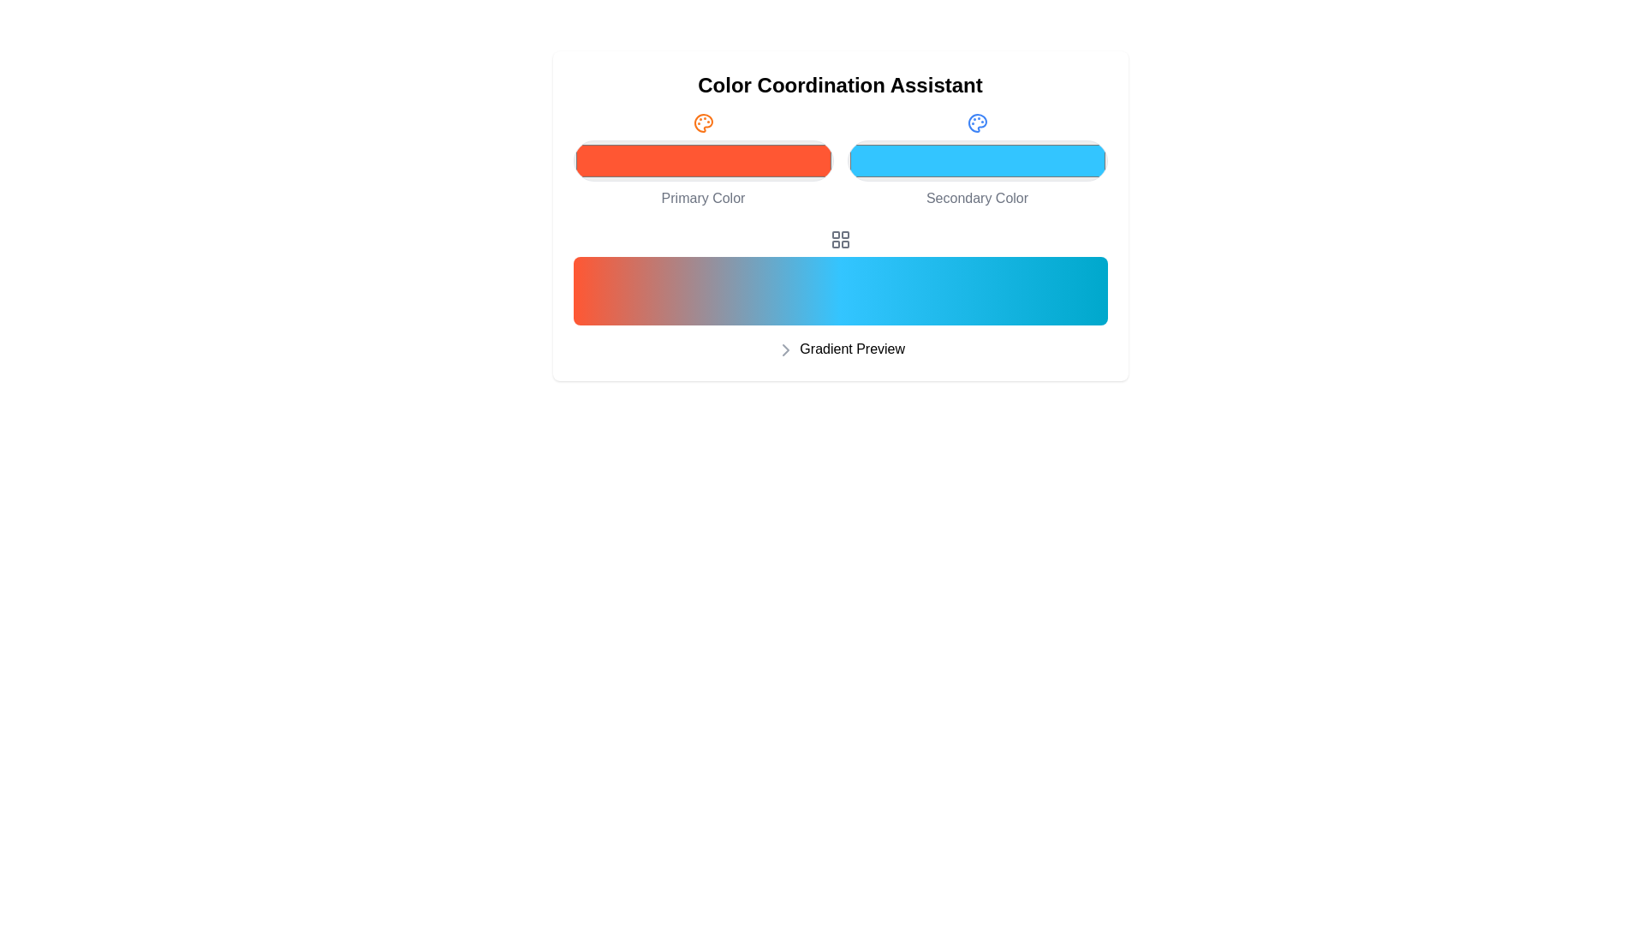  I want to click on the larger shape of the palette icon within the 'Primary Color' button, which is situated towards the top-left side of the interface, so click(703, 122).